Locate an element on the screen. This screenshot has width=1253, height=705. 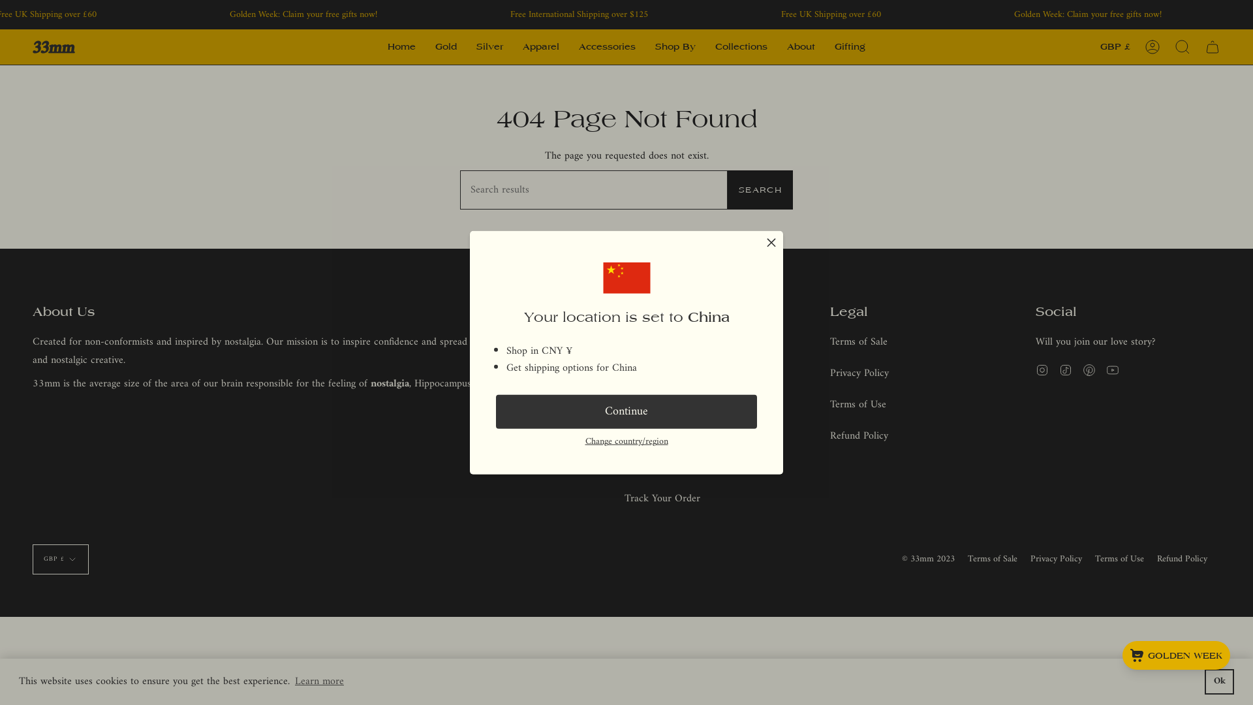
'Silver' is located at coordinates (489, 46).